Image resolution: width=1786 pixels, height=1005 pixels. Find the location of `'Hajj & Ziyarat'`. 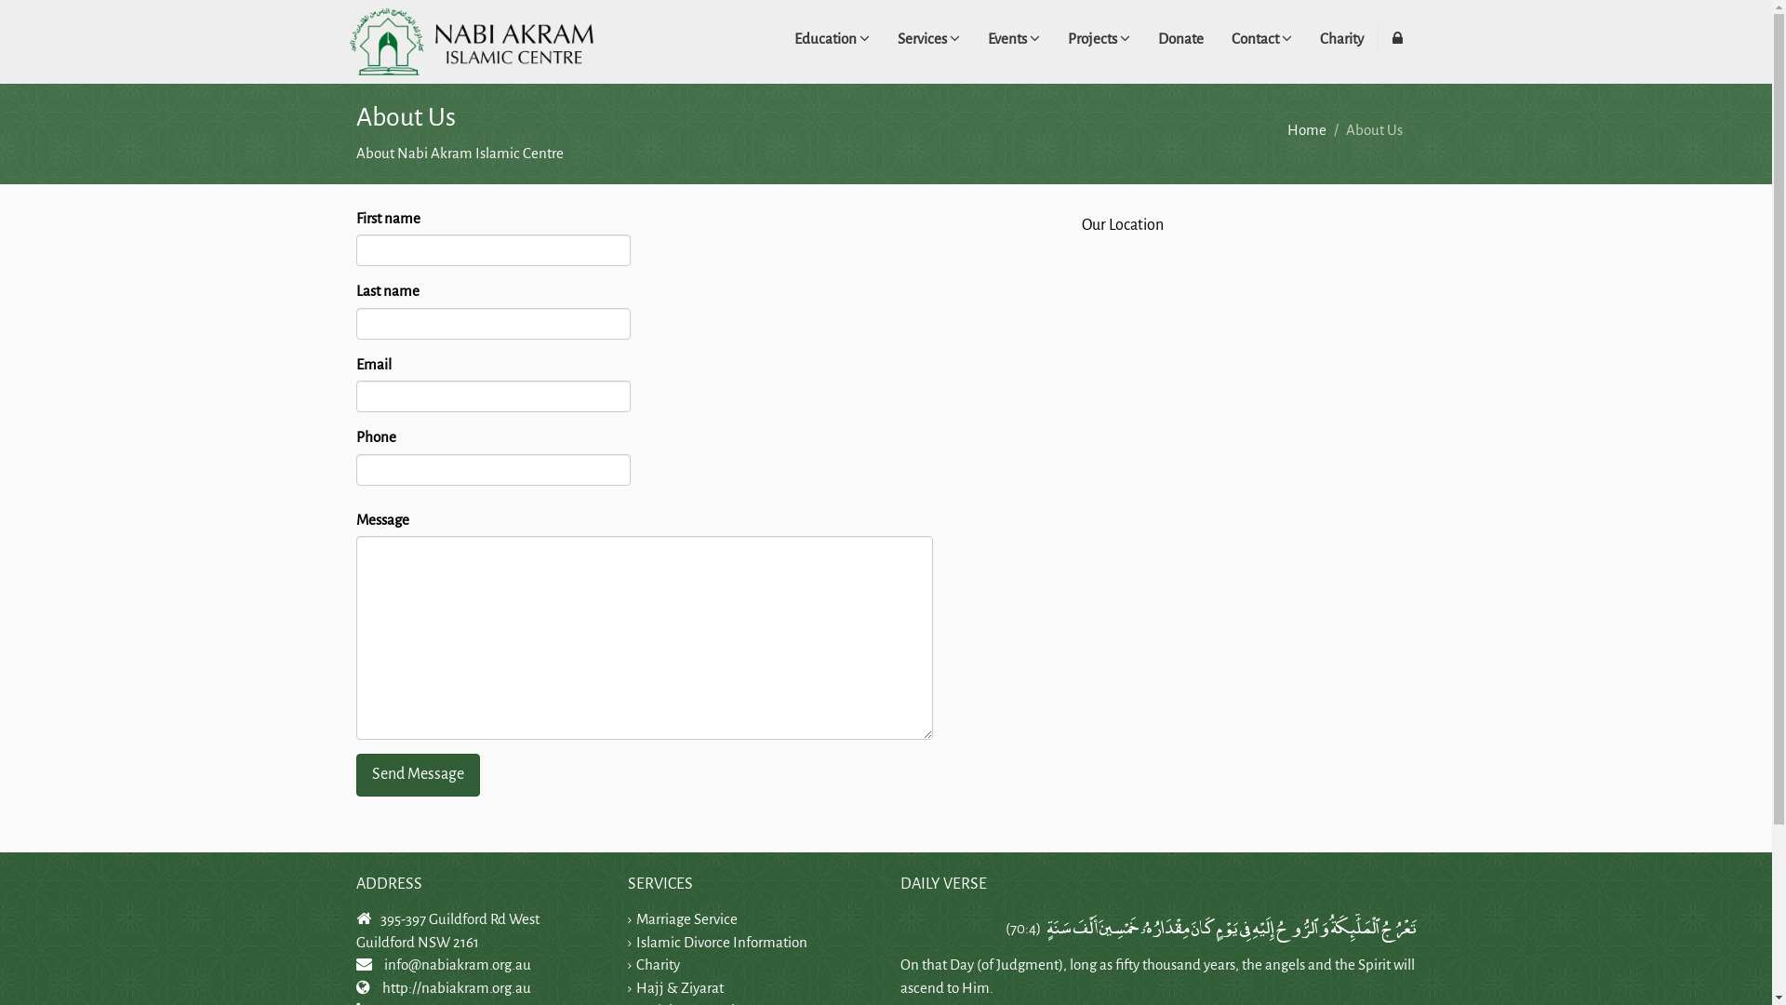

'Hajj & Ziyarat' is located at coordinates (636, 986).